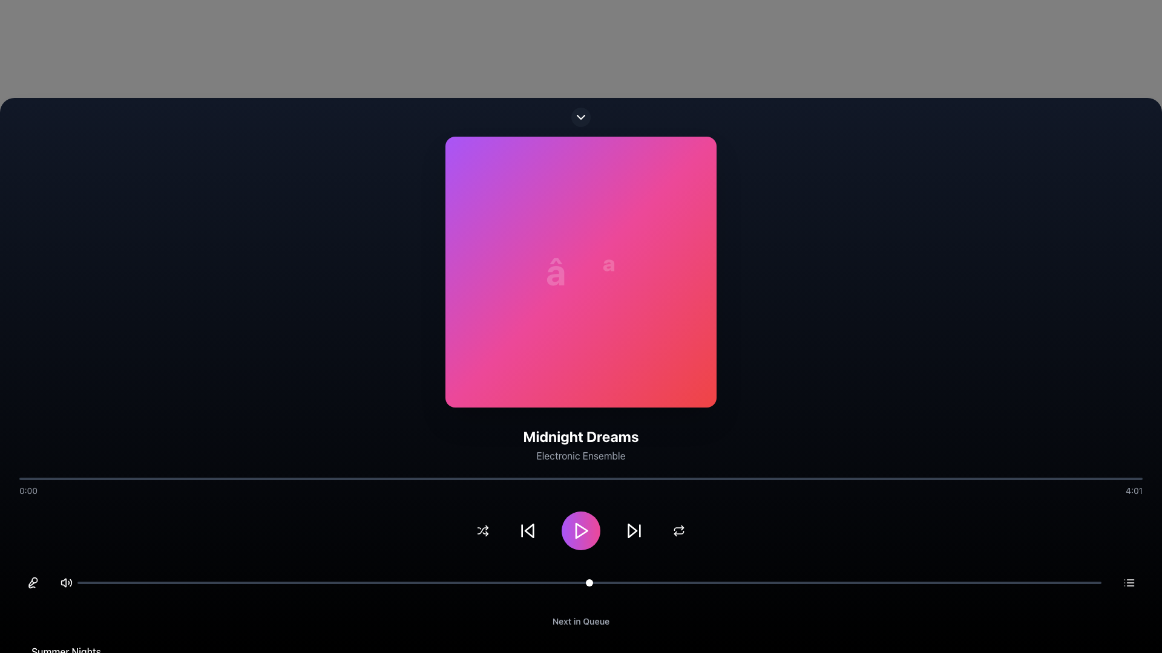 This screenshot has height=653, width=1162. What do you see at coordinates (582, 530) in the screenshot?
I see `the play button located at the bottom center of the media control interface` at bounding box center [582, 530].